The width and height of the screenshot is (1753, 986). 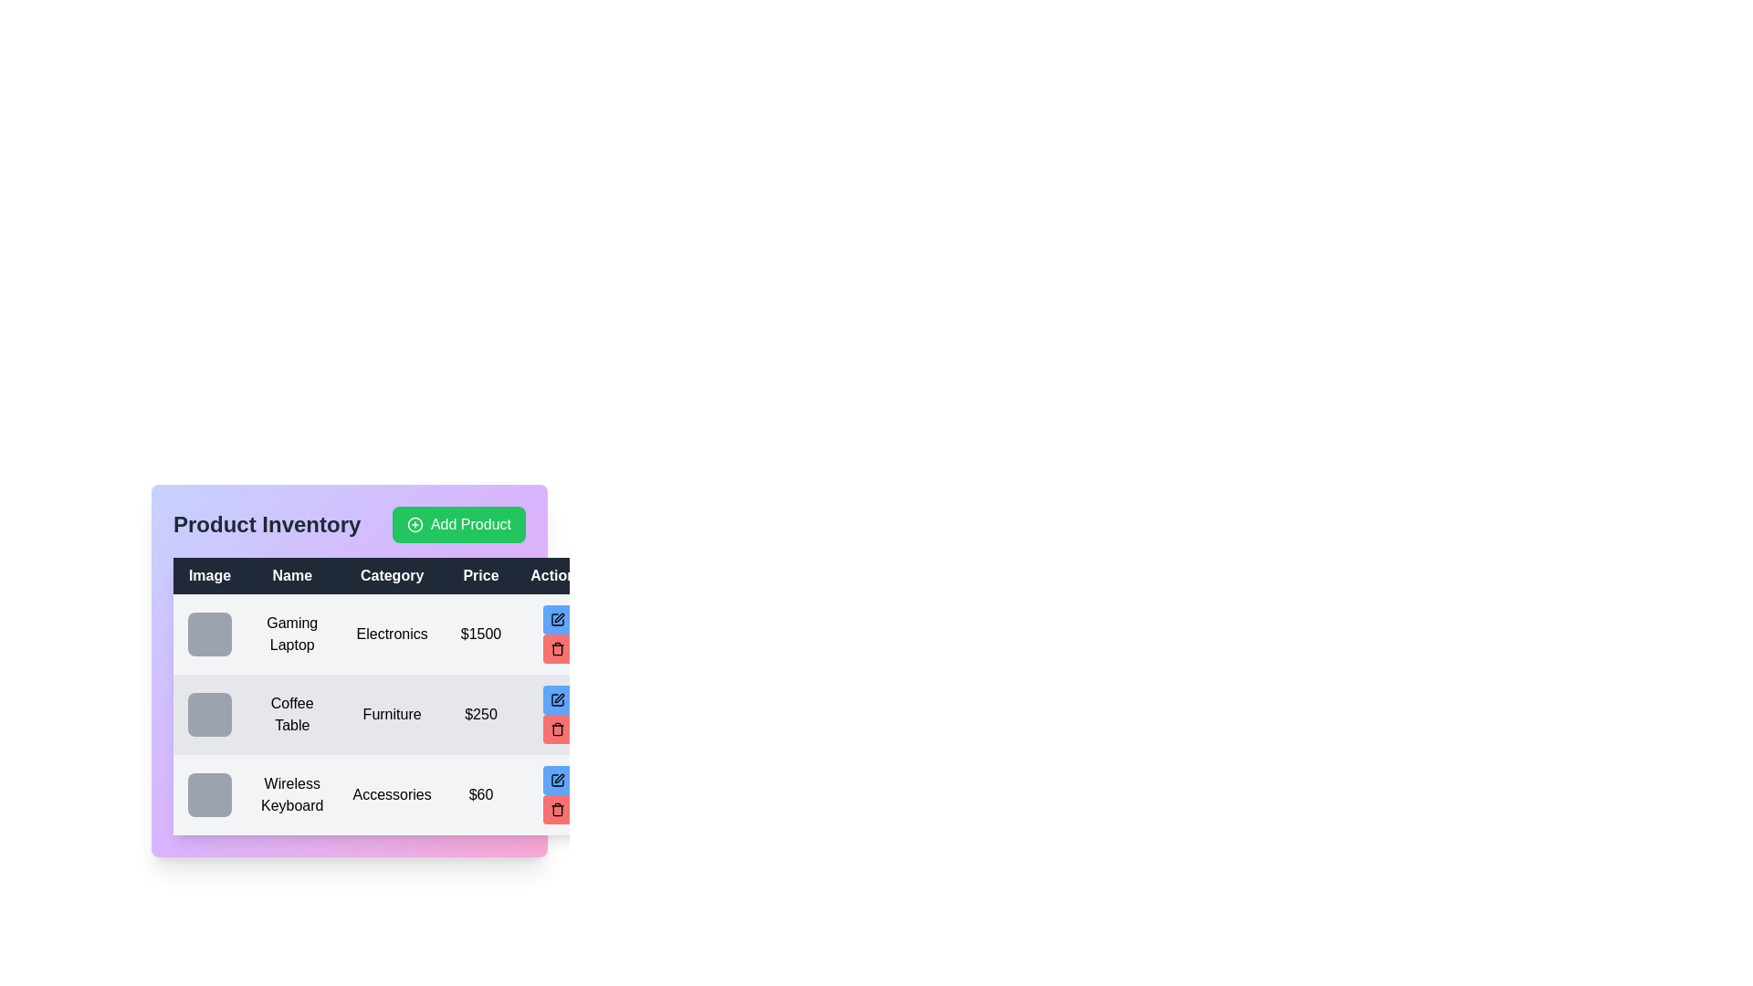 What do you see at coordinates (556, 809) in the screenshot?
I see `the trash bin icon within the red button in the 'Actions' column of the 'Wireless Keyboard' row` at bounding box center [556, 809].